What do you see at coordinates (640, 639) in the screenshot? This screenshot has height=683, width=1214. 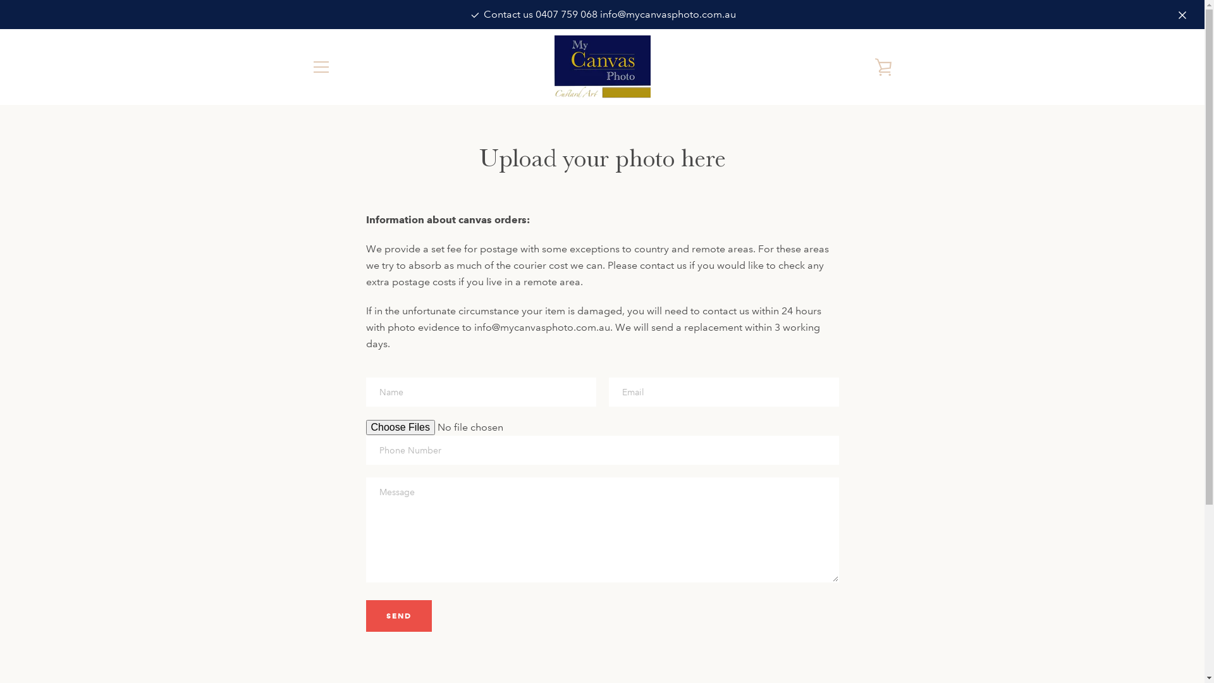 I see `'Powered by Shopify'` at bounding box center [640, 639].